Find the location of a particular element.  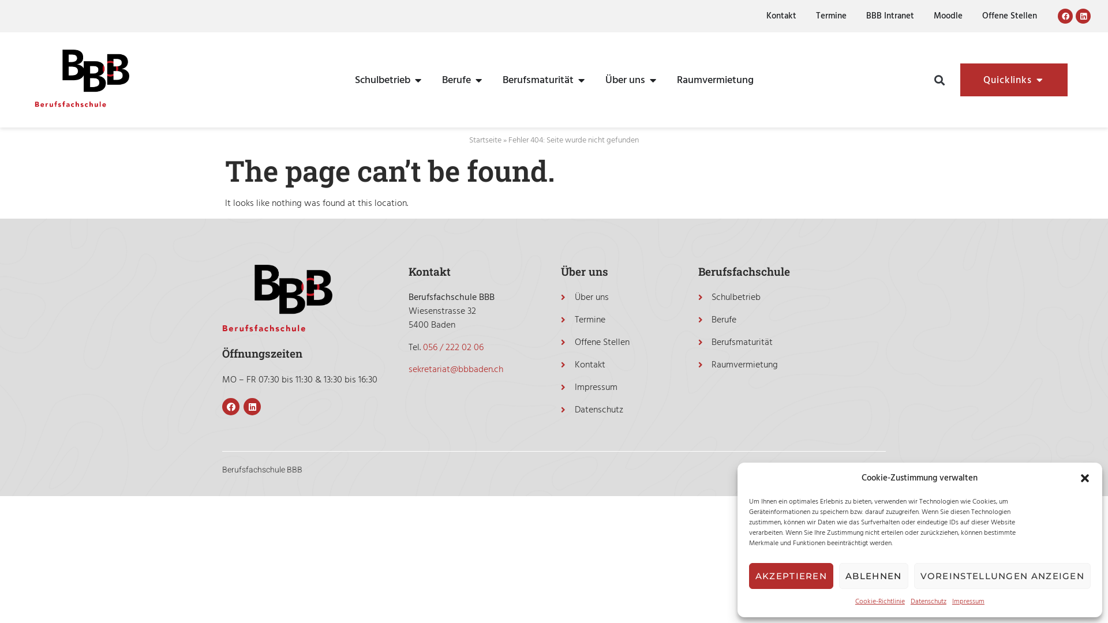

'Raumvermietung' is located at coordinates (791, 365).